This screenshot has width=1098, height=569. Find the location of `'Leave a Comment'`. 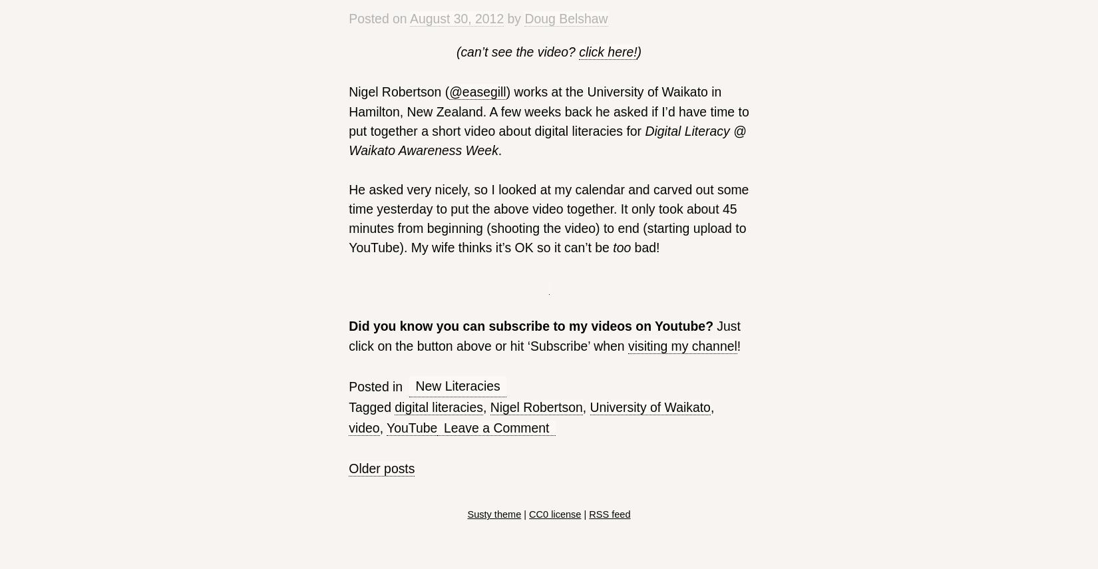

'Leave a Comment' is located at coordinates (495, 427).